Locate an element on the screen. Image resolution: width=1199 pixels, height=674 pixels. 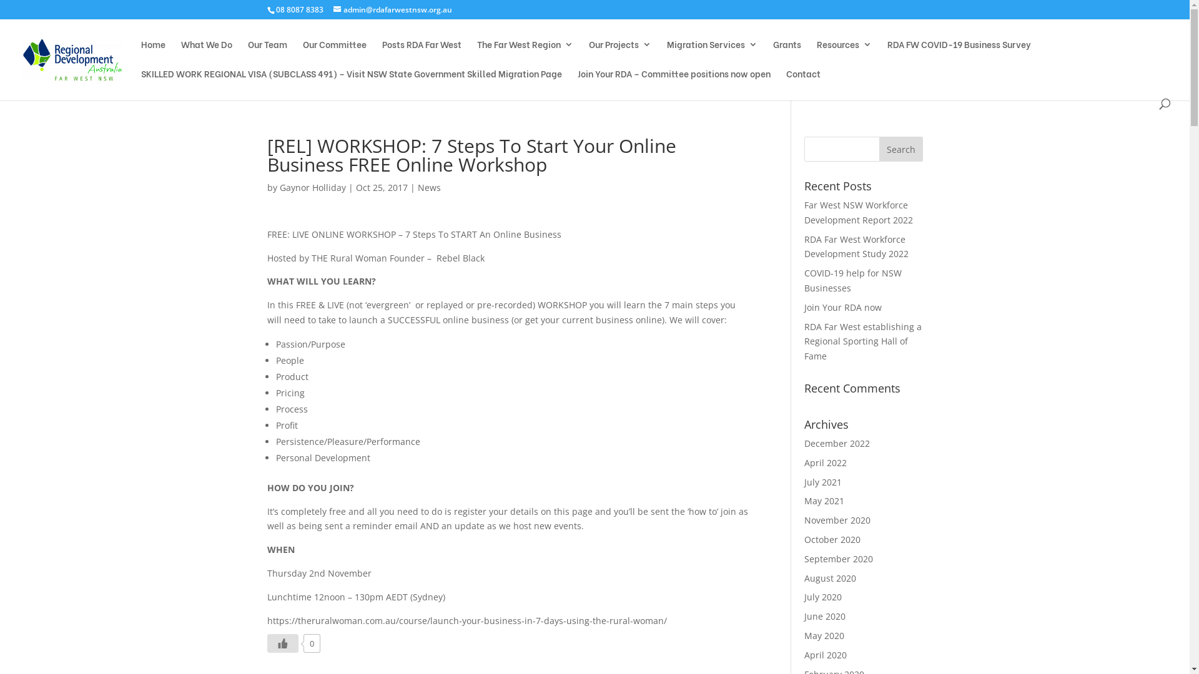
'April 2022' is located at coordinates (825, 462).